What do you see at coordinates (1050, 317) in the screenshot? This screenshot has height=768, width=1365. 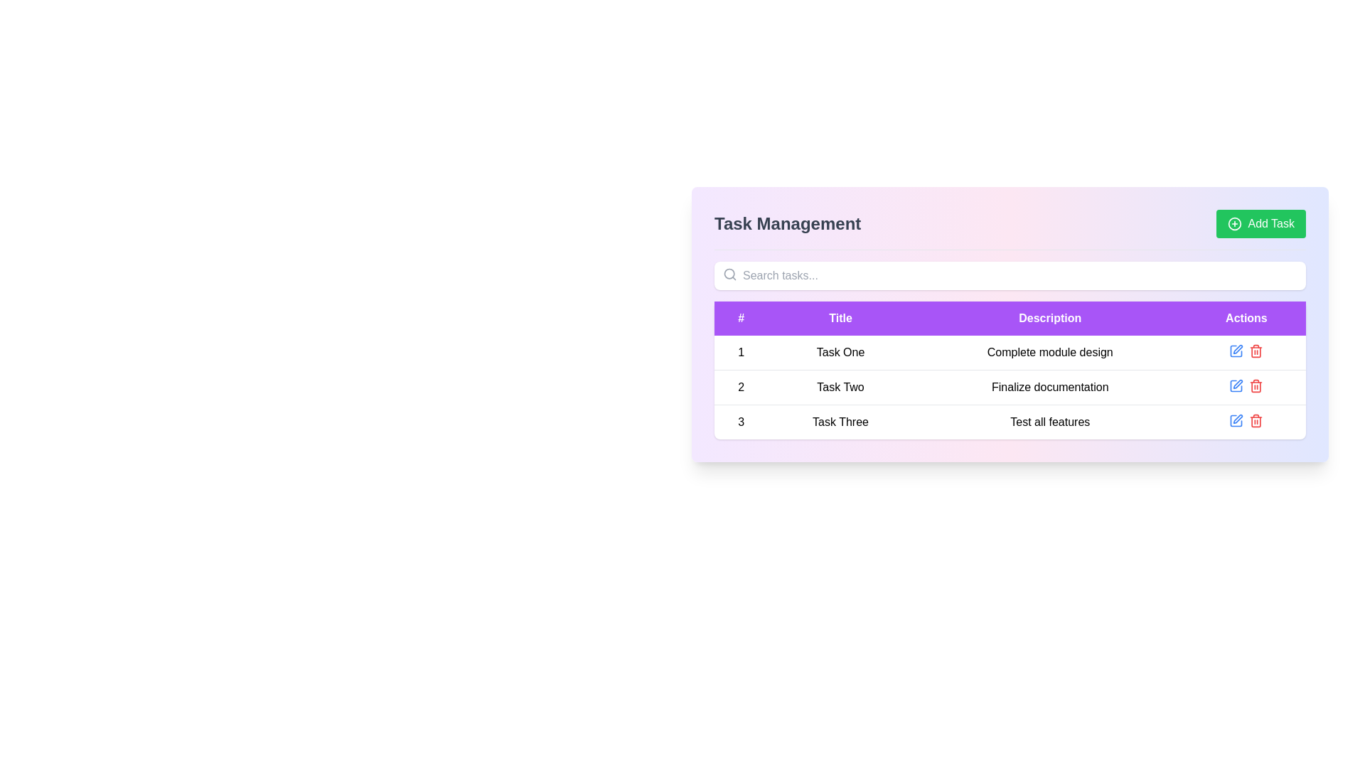 I see `text of the header label indicating the descriptions for items in the table, located between the 'Title' and 'Actions' columns` at bounding box center [1050, 317].